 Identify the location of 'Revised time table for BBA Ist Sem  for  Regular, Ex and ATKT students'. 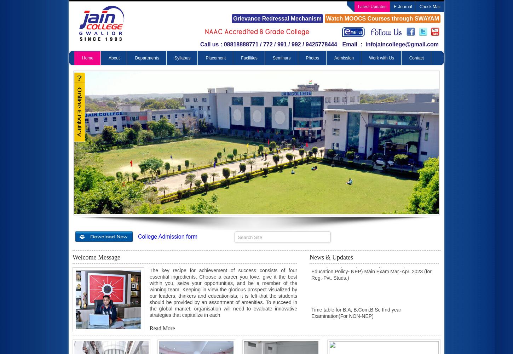
(371, 340).